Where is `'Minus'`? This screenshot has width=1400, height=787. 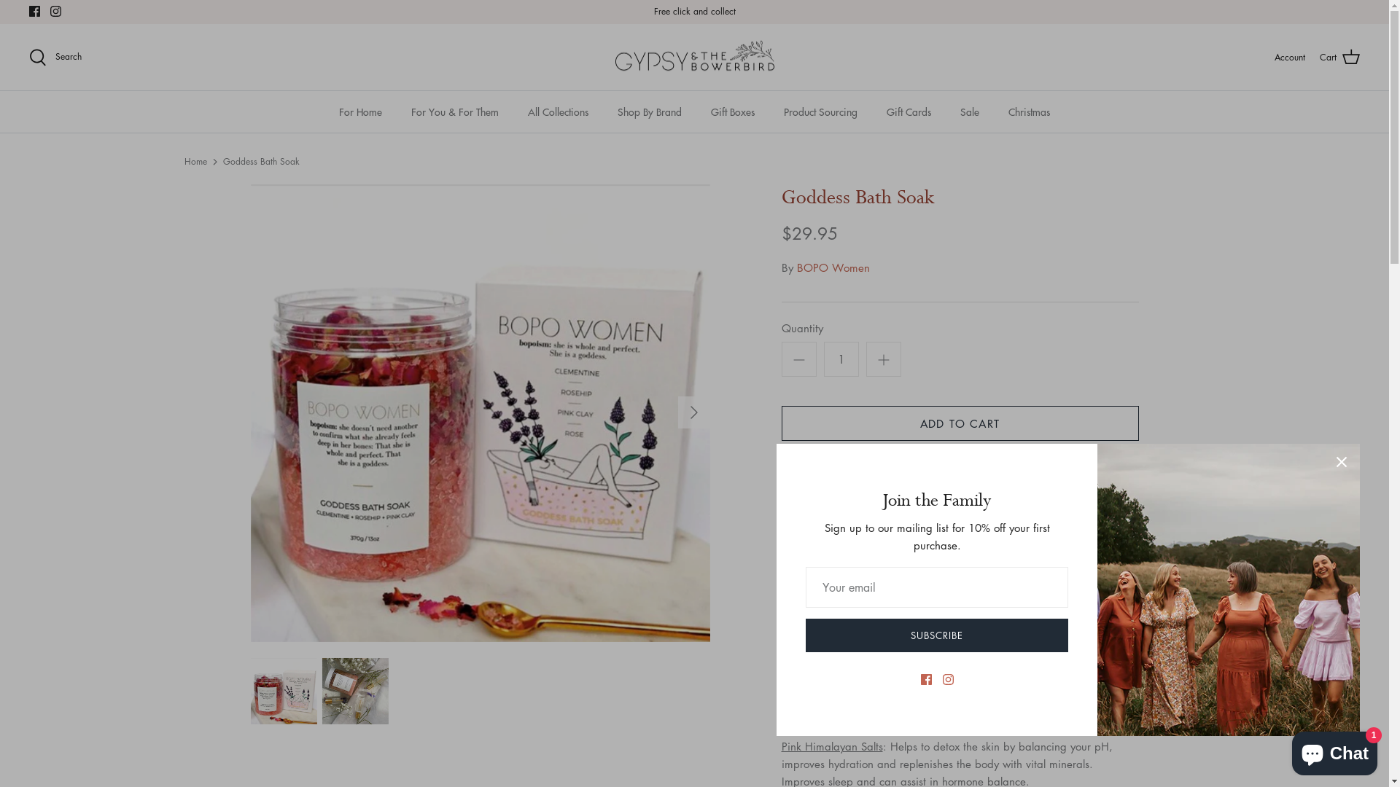
'Minus' is located at coordinates (798, 359).